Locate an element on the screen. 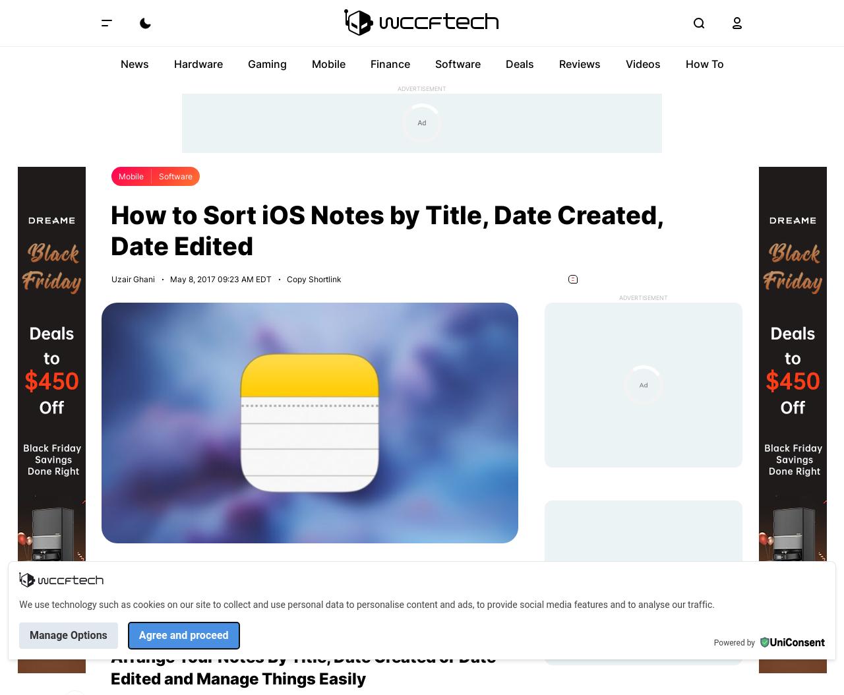 The image size is (844, 695). 'Uzair Ghani' is located at coordinates (133, 278).